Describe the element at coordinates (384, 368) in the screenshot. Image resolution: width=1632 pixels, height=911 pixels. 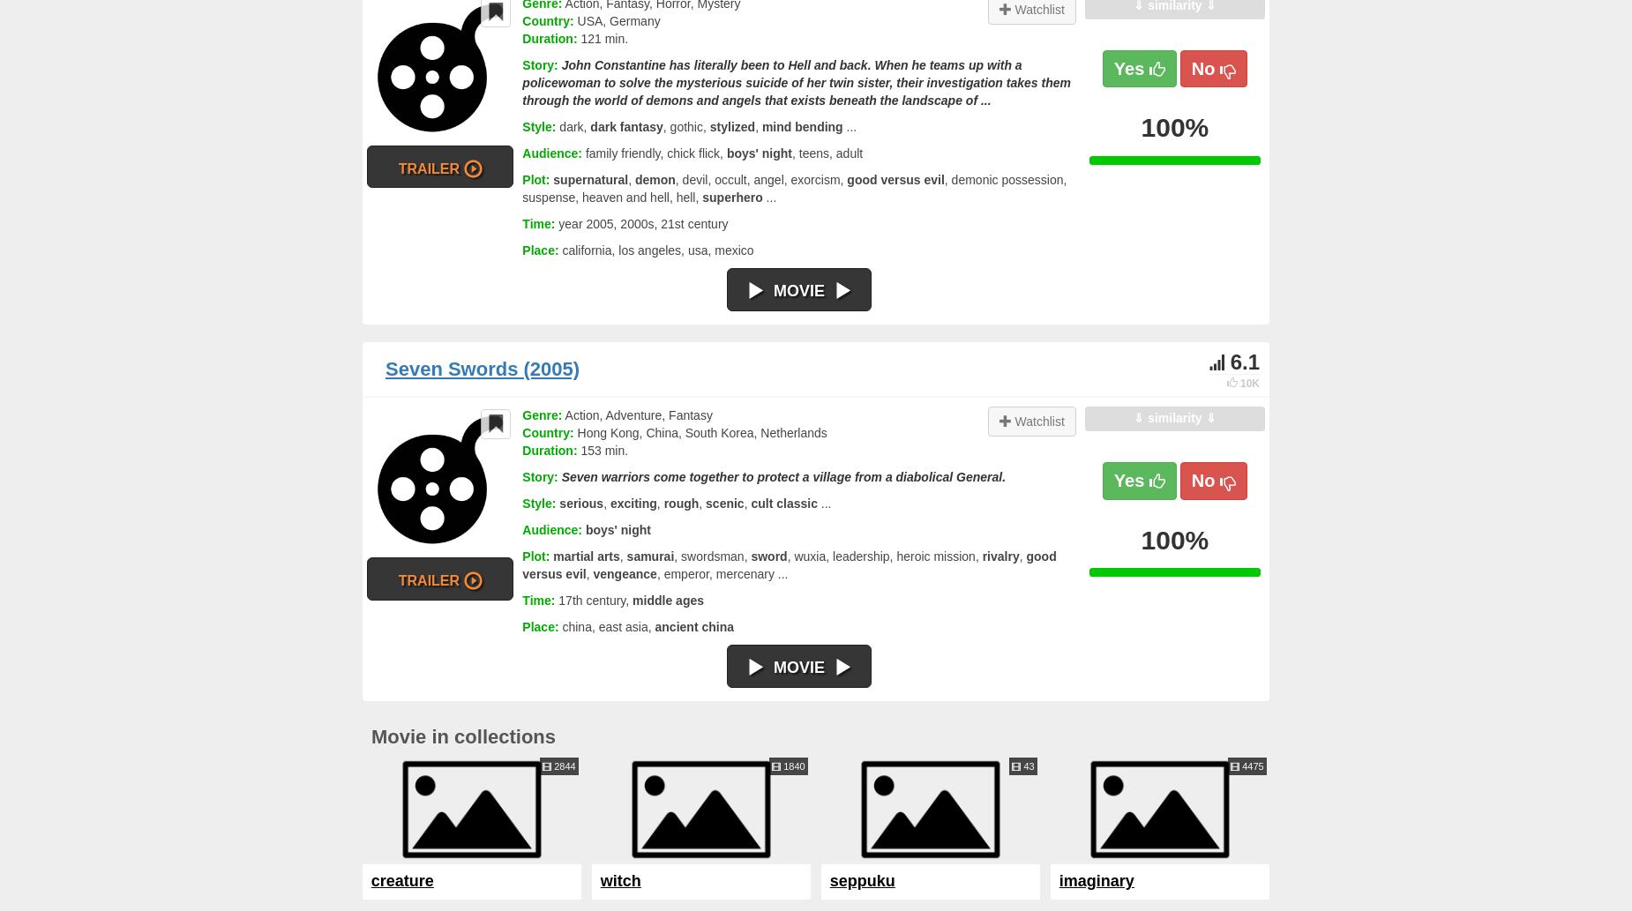
I see `'Seven Swords (2005)'` at that location.